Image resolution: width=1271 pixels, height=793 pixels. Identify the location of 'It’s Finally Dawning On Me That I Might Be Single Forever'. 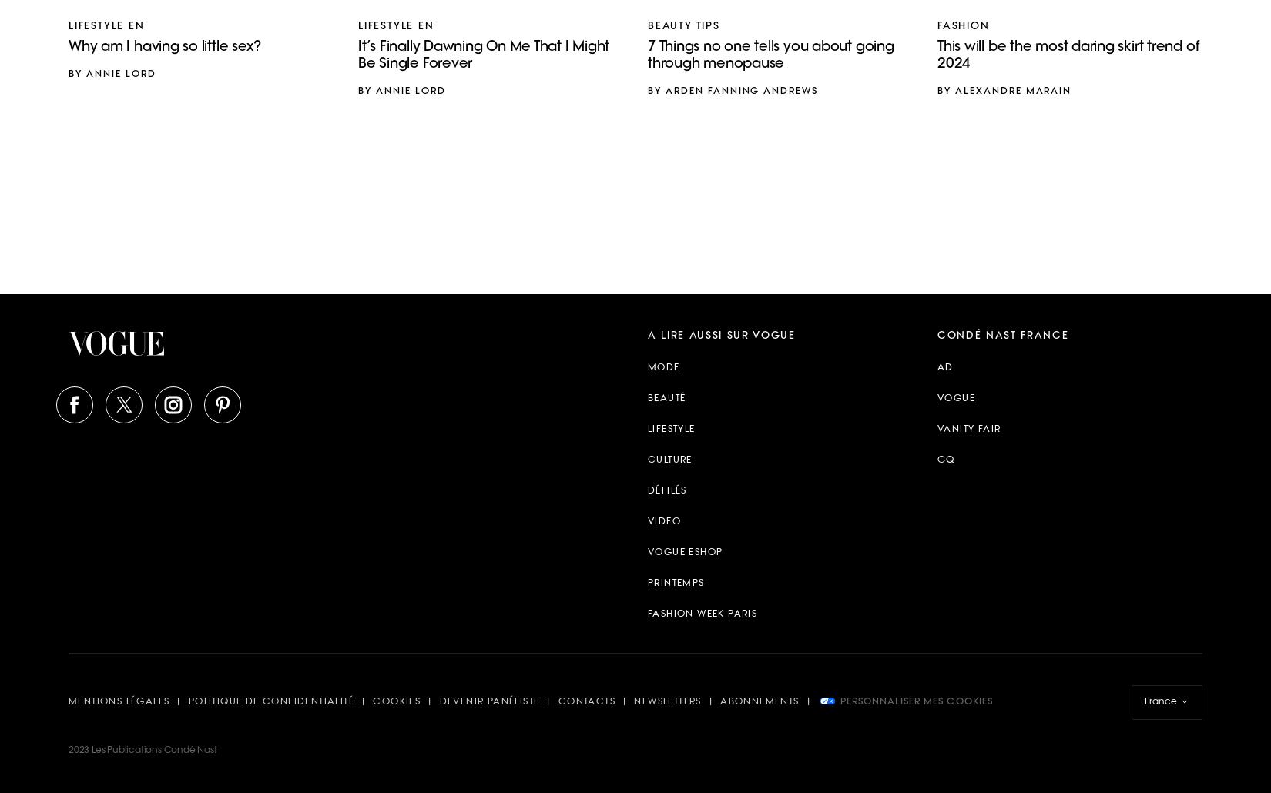
(482, 55).